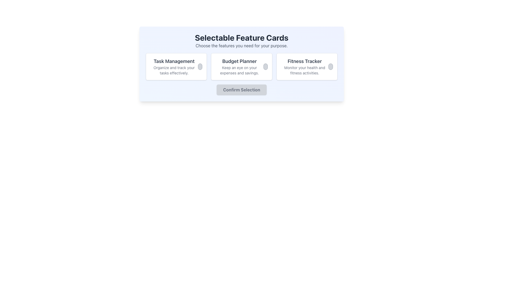 The height and width of the screenshot is (287, 511). I want to click on static text element titled 'Budget Planner', which is styled in bold dark-gray font and located at the top of the second feature card under 'Selectable Feature Cards', so click(239, 61).